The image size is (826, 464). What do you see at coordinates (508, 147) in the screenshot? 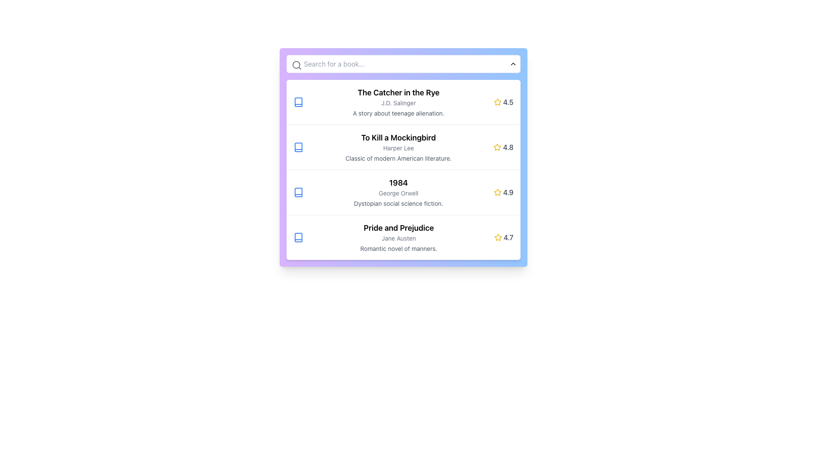
I see `the text label displaying the rating value '4.8' that is styled with a medium-weight font in dark gray color, located to the right of a yellow star icon in the second row of a book list` at bounding box center [508, 147].